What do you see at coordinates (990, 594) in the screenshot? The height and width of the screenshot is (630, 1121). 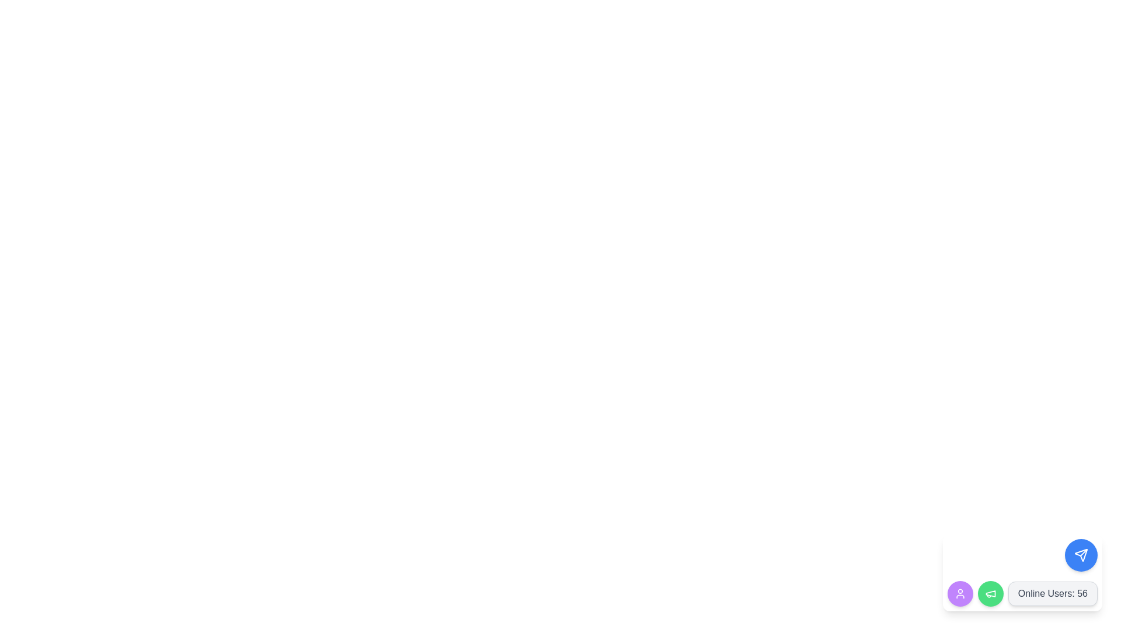 I see `the circular green button with a white megaphone icon located between the purple user icon button and the label 'Online Users: 56.'` at bounding box center [990, 594].